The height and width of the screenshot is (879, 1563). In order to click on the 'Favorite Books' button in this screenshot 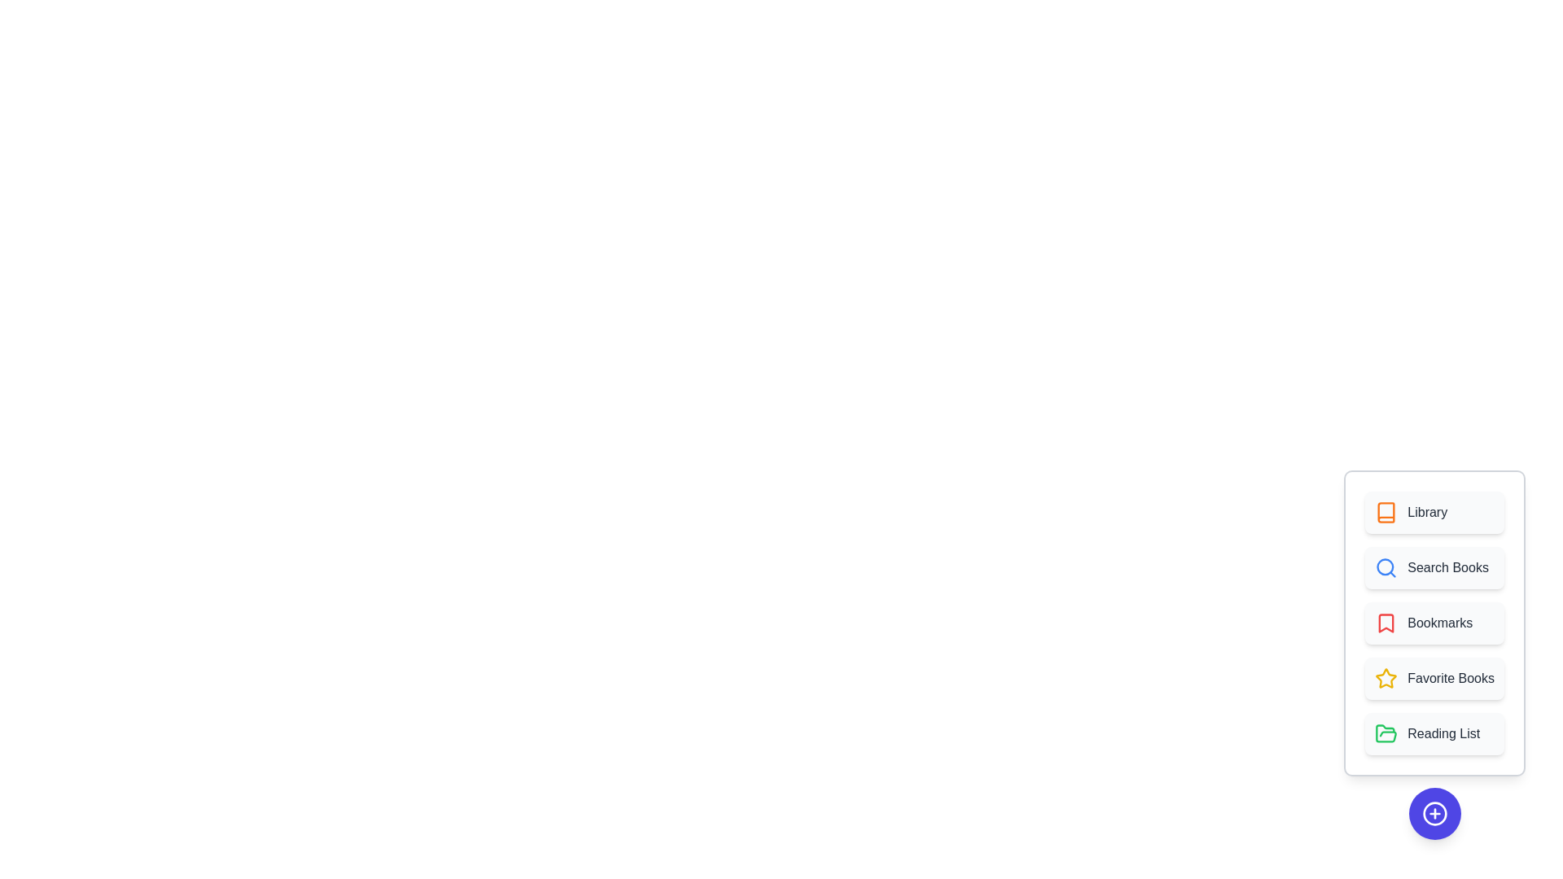, I will do `click(1434, 678)`.